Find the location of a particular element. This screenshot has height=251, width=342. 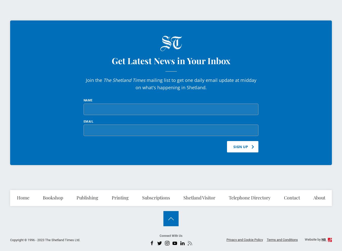

'Privacy and Cookie Policy' is located at coordinates (244, 239).